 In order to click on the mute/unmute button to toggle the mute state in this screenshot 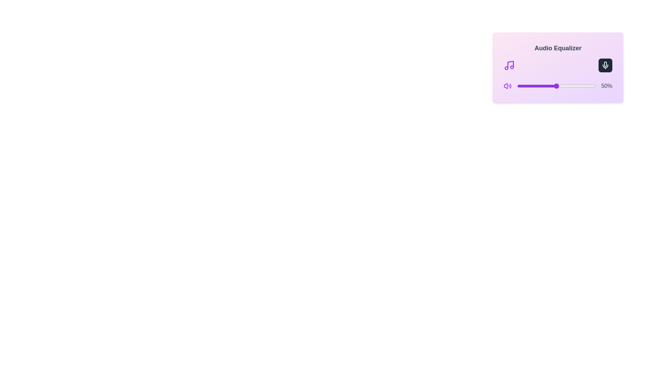, I will do `click(605, 65)`.